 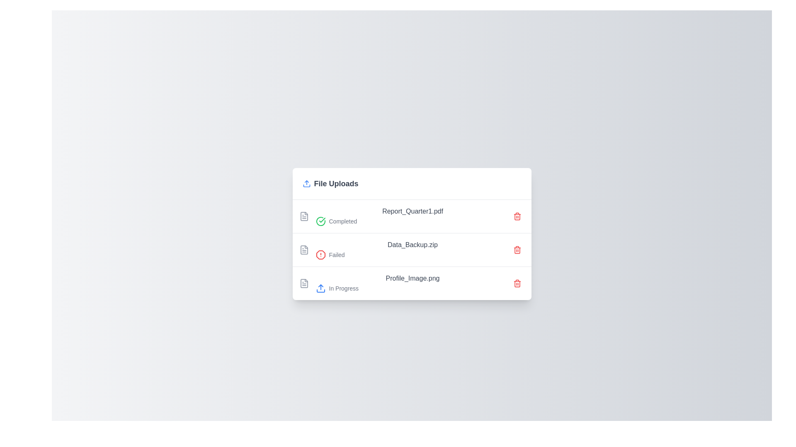 I want to click on the 'Completed' text label that indicates task completion, styled with a capitalized font, positioned inline with a green circular icon with a checkmark, adjacent to the file title 'Report_Quarter1.pdf', so click(x=343, y=221).